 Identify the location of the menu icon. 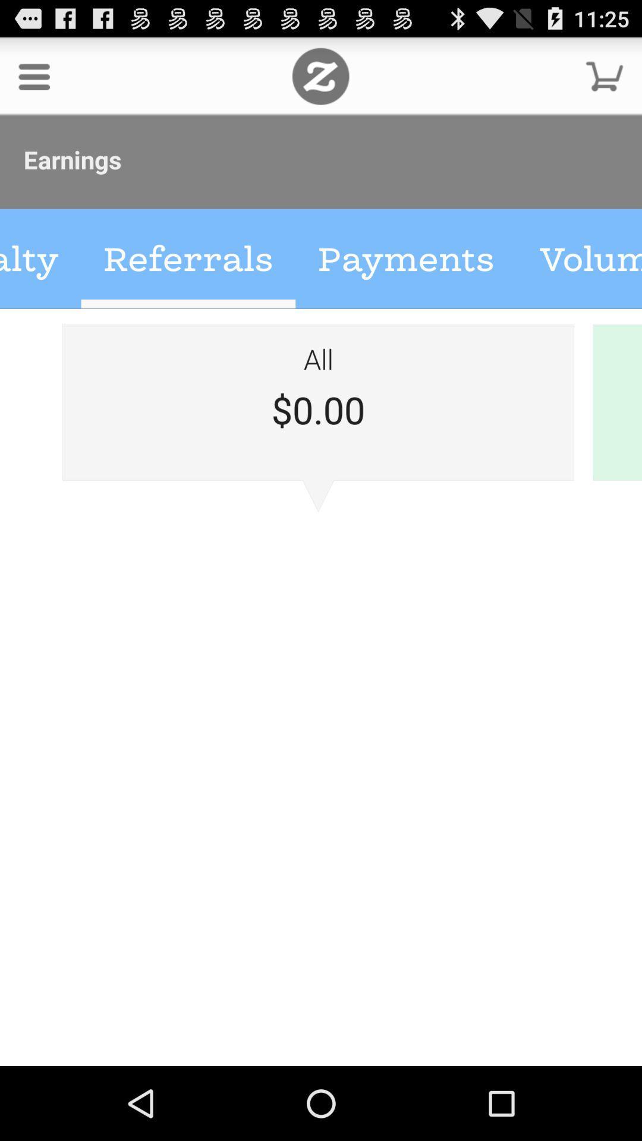
(33, 81).